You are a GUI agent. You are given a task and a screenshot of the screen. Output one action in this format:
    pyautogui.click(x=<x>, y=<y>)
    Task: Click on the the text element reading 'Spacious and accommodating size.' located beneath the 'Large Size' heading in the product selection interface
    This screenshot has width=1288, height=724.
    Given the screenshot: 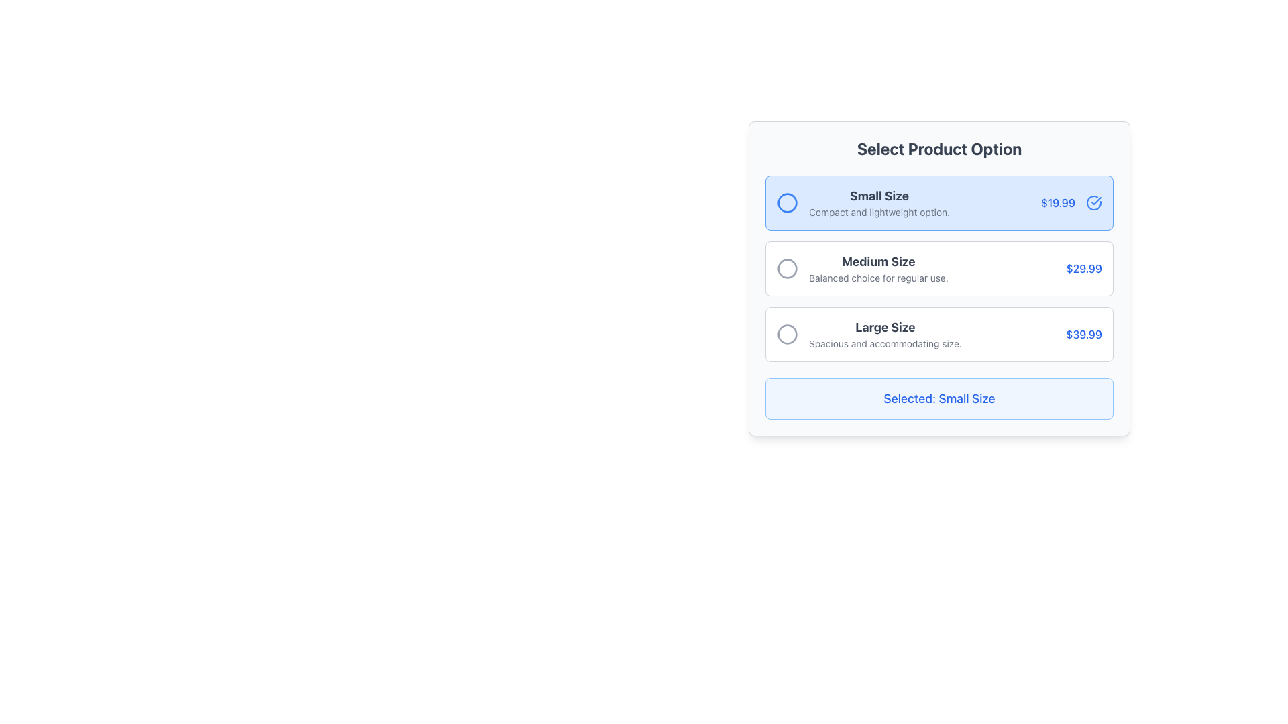 What is the action you would take?
    pyautogui.click(x=885, y=343)
    